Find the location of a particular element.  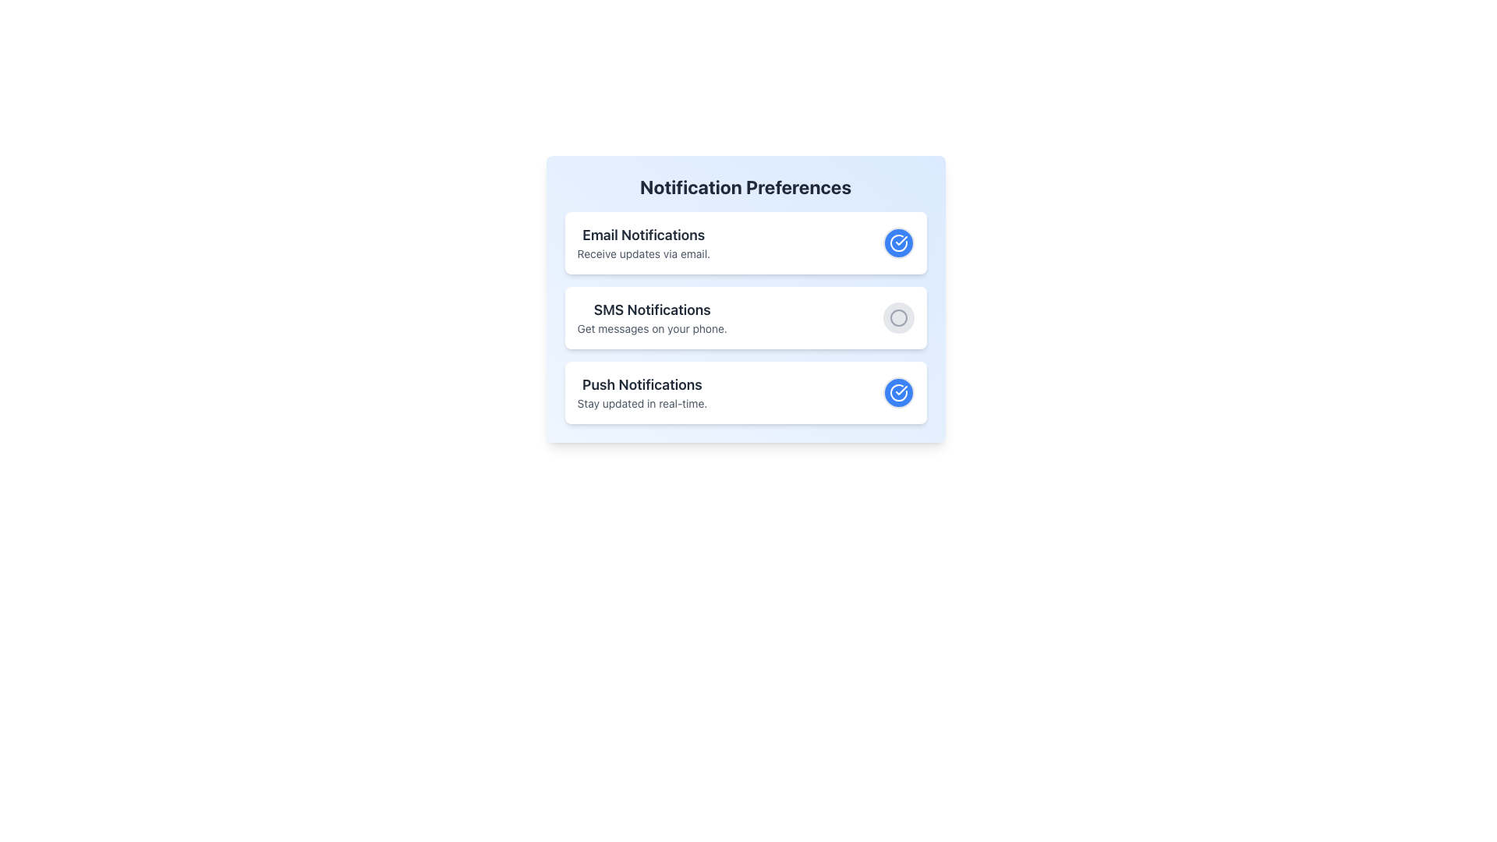

the Text label providing information about the 'Push Notifications' feature, located under the title 'Push Notifications' in the 'Notification Preferences' card interface is located at coordinates (642, 402).